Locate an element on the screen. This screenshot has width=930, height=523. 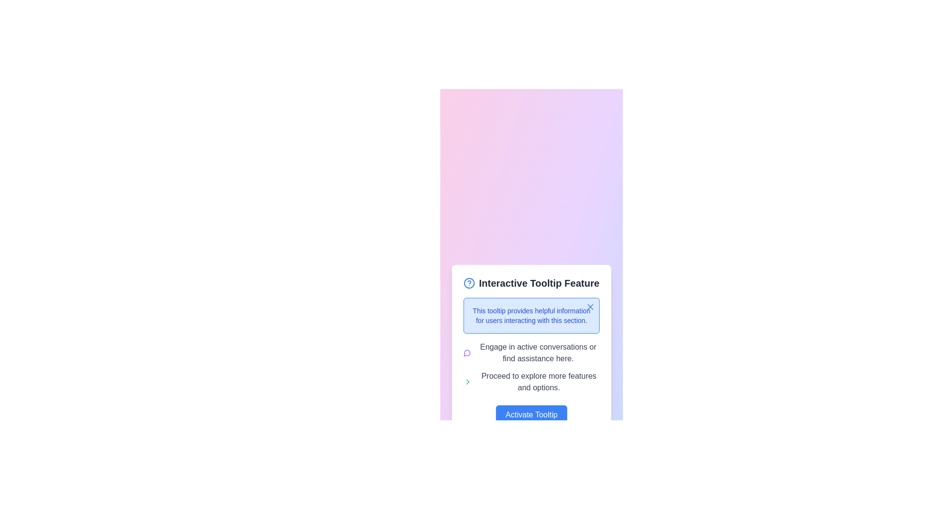
the arrow icon located in the bottom right quadrant of the SVG graphical element, which is styled with the class 'lucide-chevron-right' is located at coordinates (468, 382).